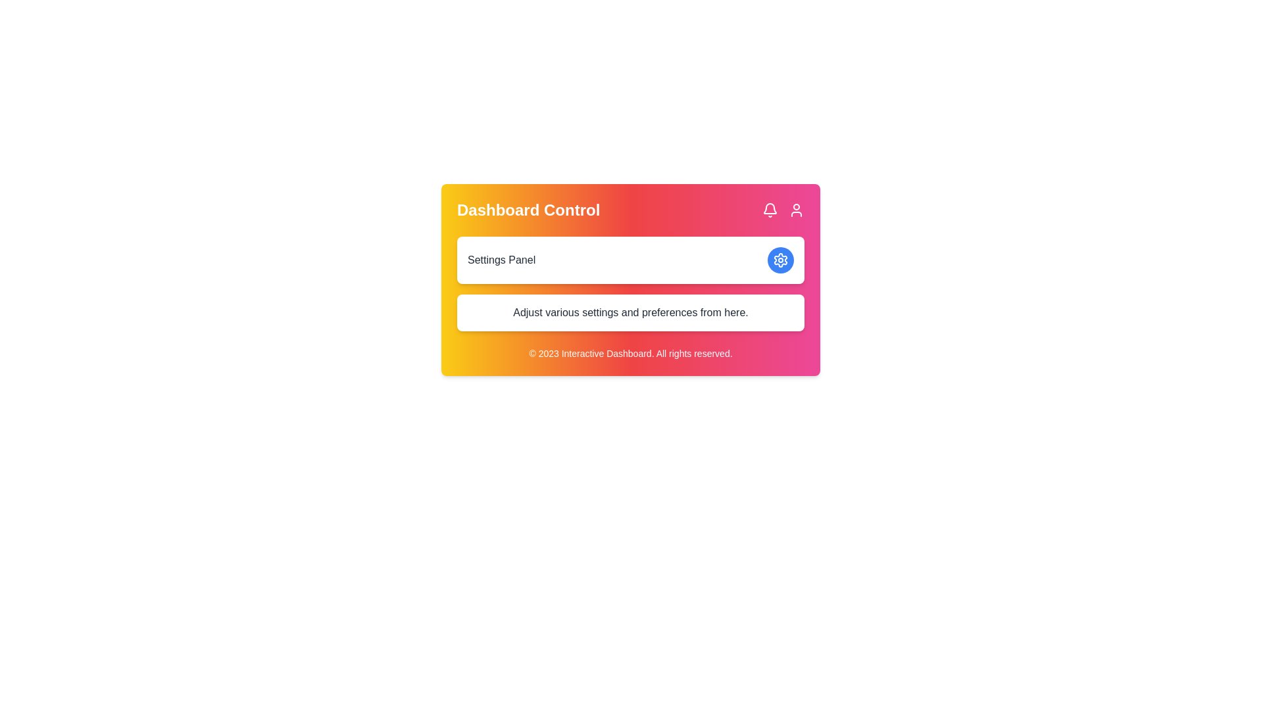 The width and height of the screenshot is (1263, 710). I want to click on informational text block located below the 'Settings Panel', which provides instructions for adjusting settings and preferences, so click(630, 312).